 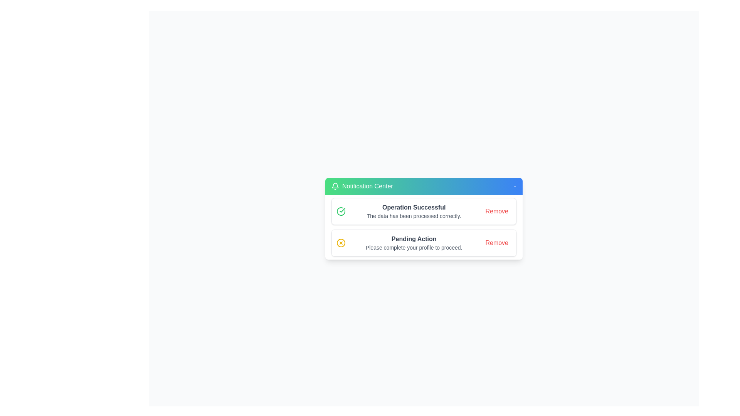 I want to click on the heading label of the notification panel located near the upper-left side, next to the bell icon, so click(x=367, y=186).